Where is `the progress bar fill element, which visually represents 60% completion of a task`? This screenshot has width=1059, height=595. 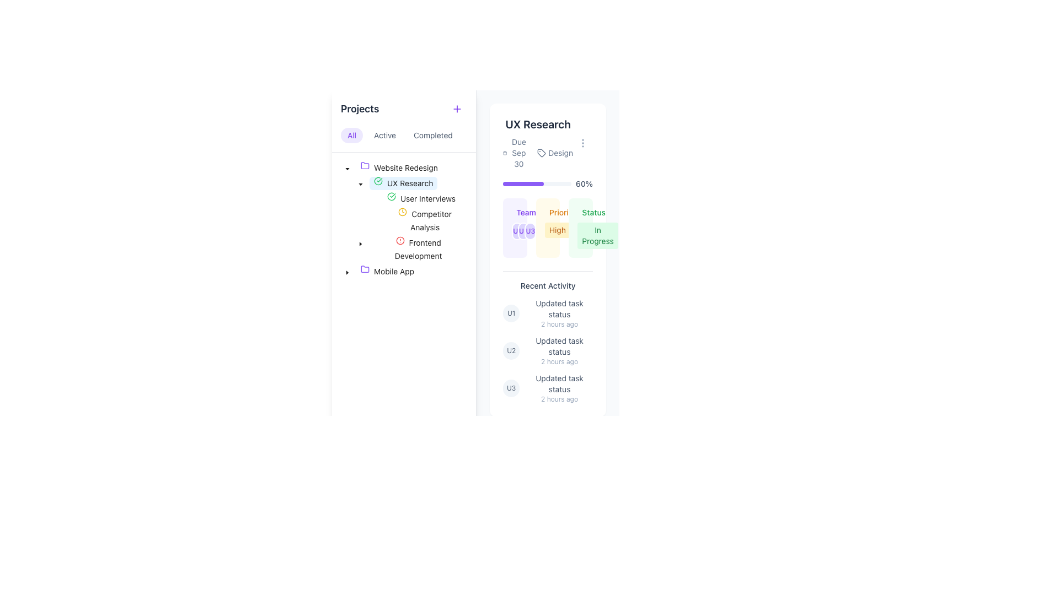 the progress bar fill element, which visually represents 60% completion of a task is located at coordinates (523, 183).